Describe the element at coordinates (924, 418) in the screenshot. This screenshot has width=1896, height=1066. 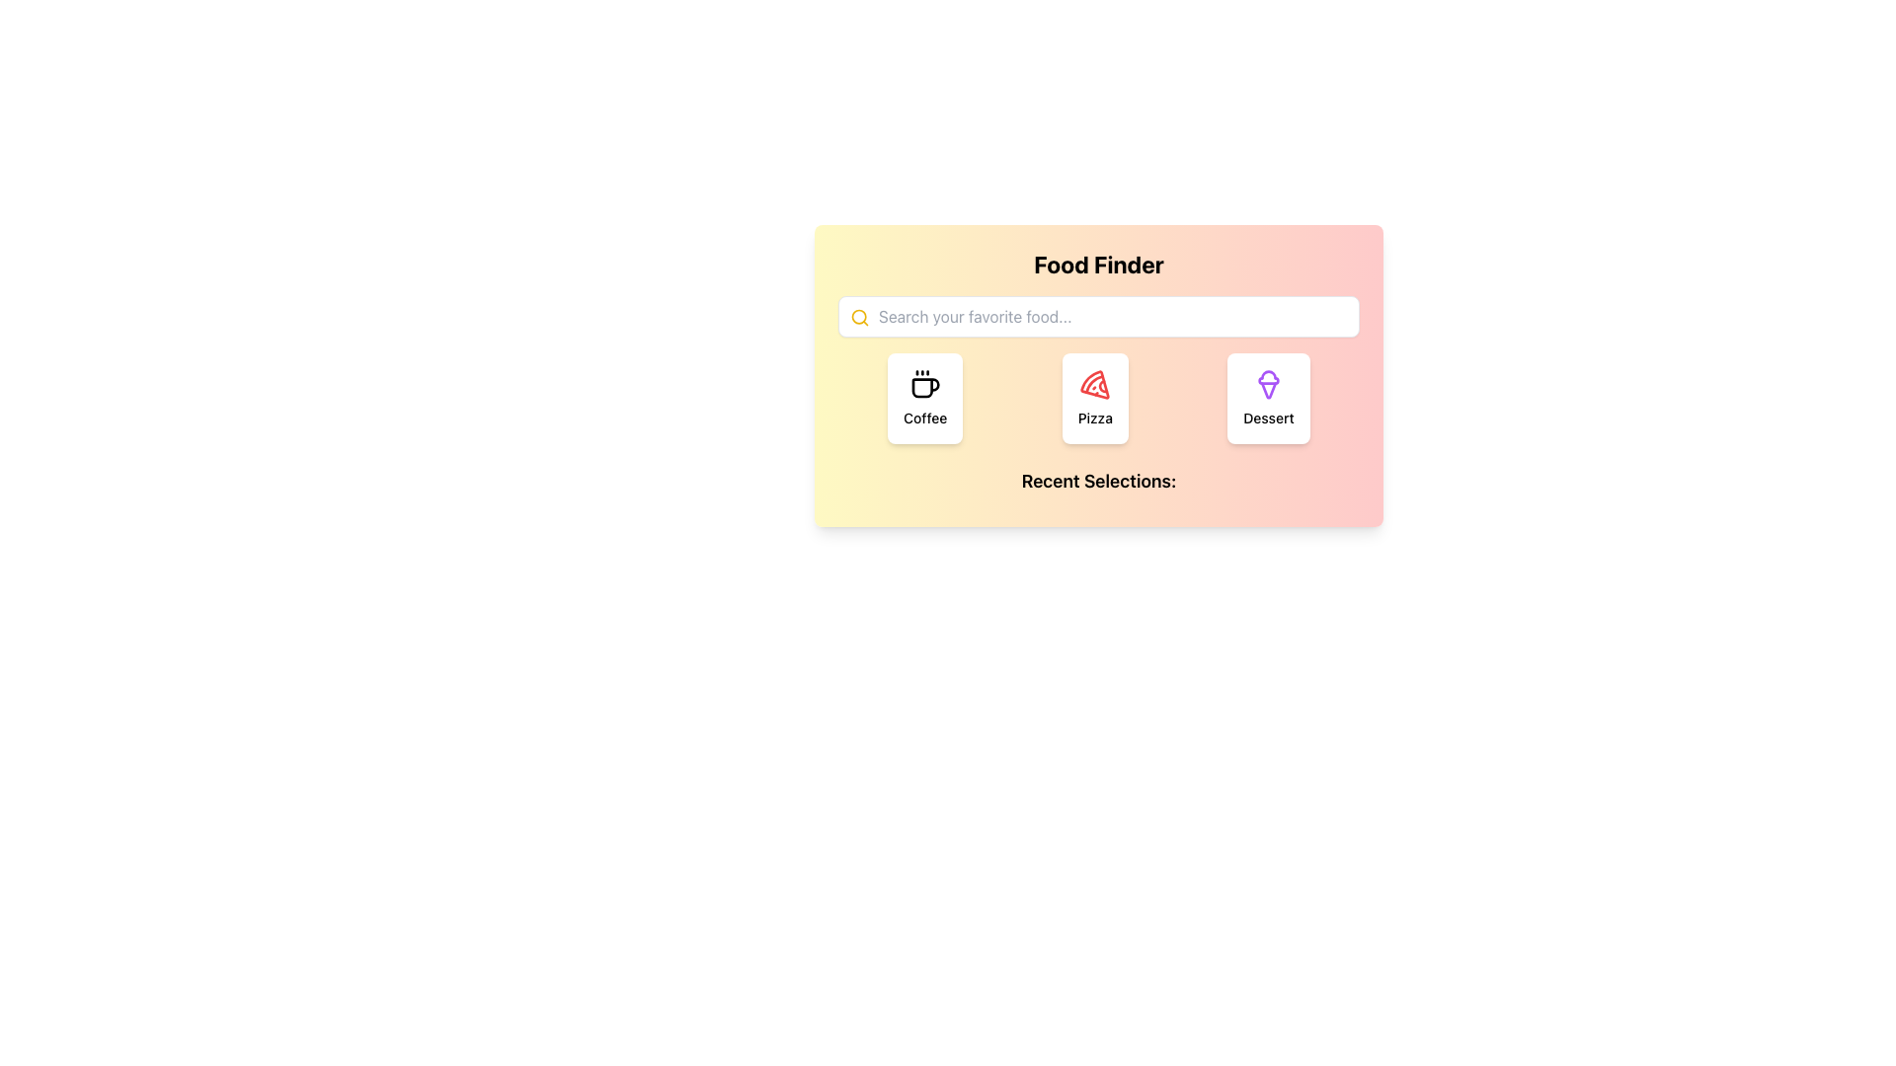
I see `text label displaying the word 'Coffee' located beneath the coffee cup icon in the card on the left side of the interface` at that location.